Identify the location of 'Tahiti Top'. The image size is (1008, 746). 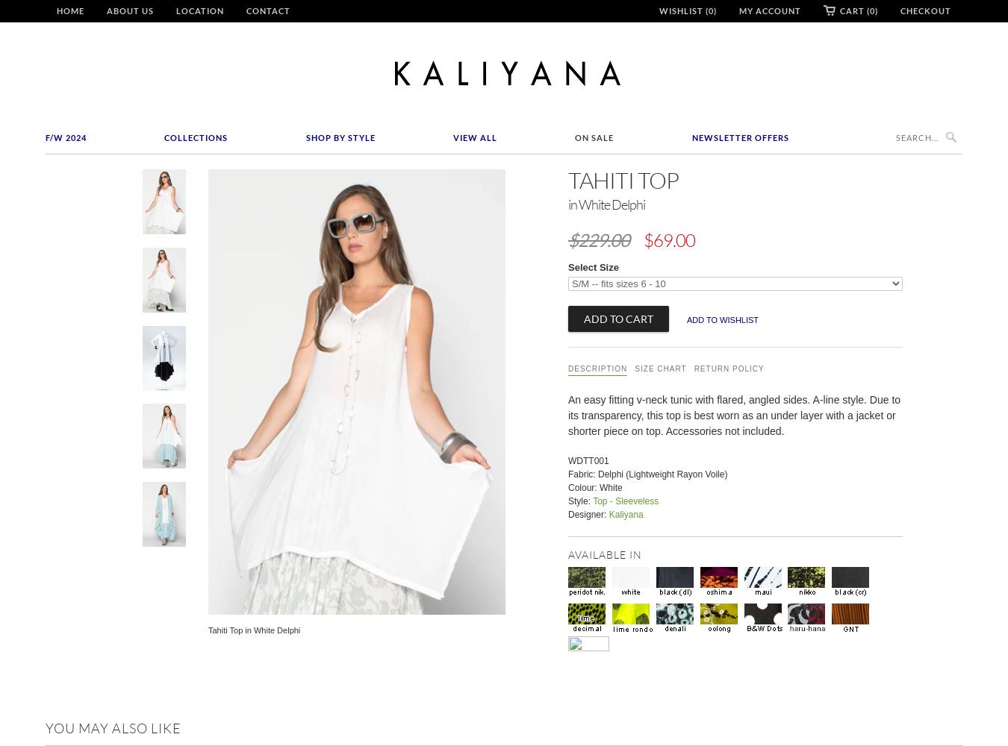
(567, 179).